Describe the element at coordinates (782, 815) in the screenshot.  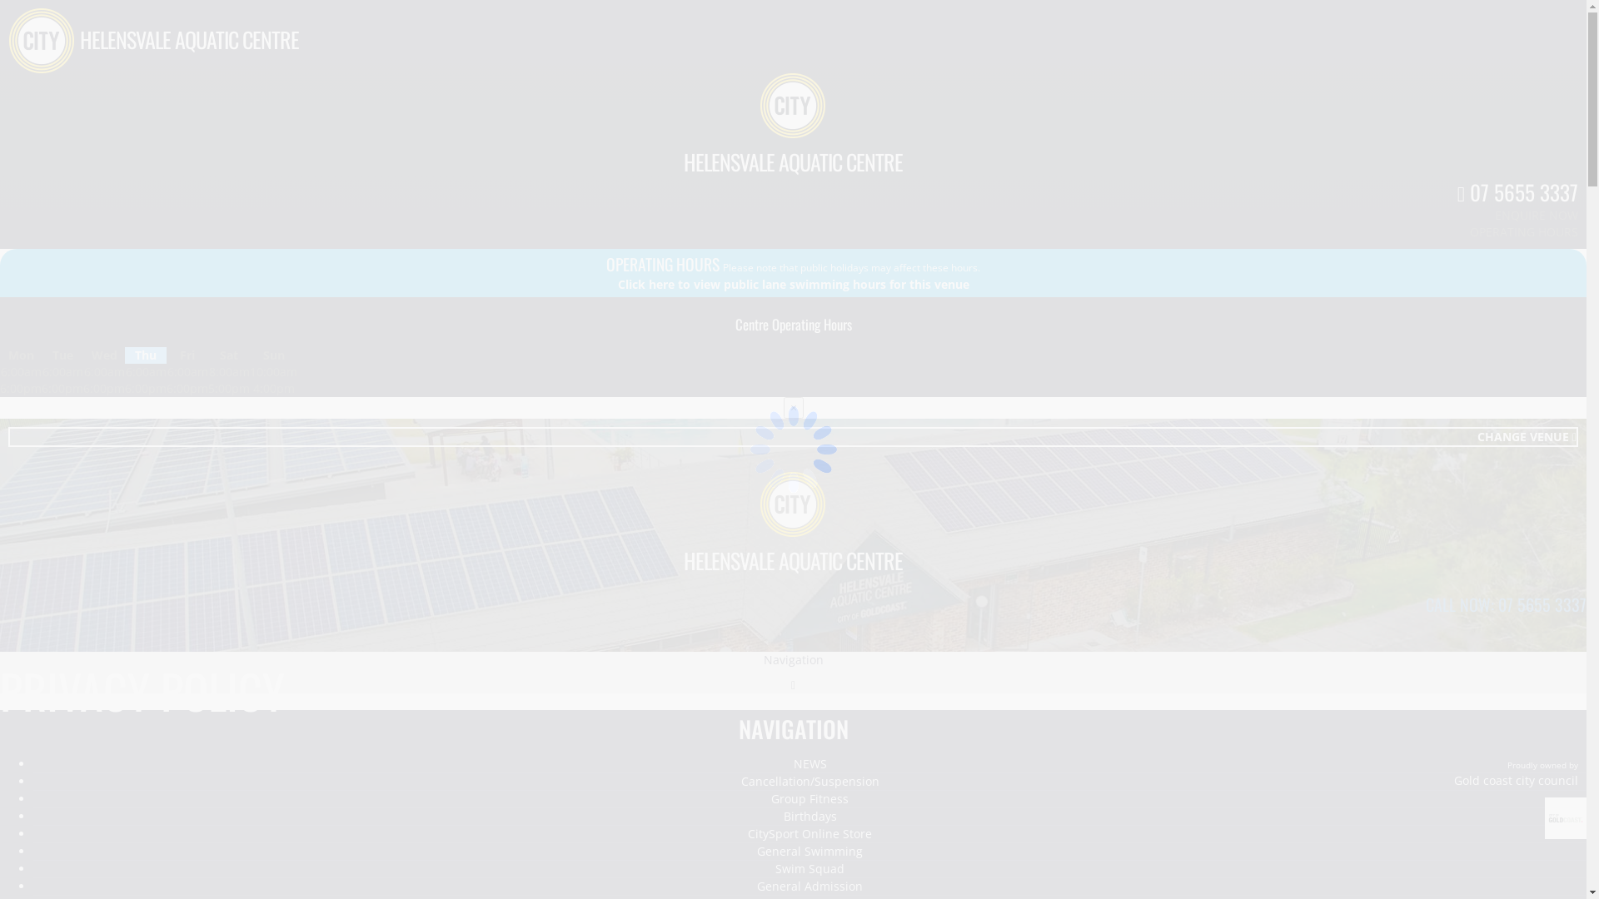
I see `'Birthdays'` at that location.